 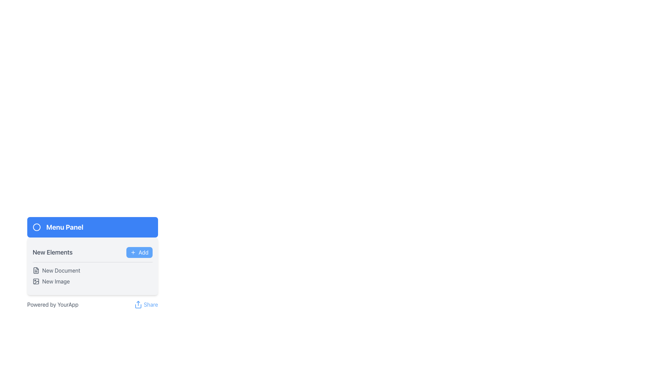 What do you see at coordinates (138, 304) in the screenshot?
I see `the blue-colored share icon adjacent to the 'Share' text label in the bottom-left section of the user interface` at bounding box center [138, 304].